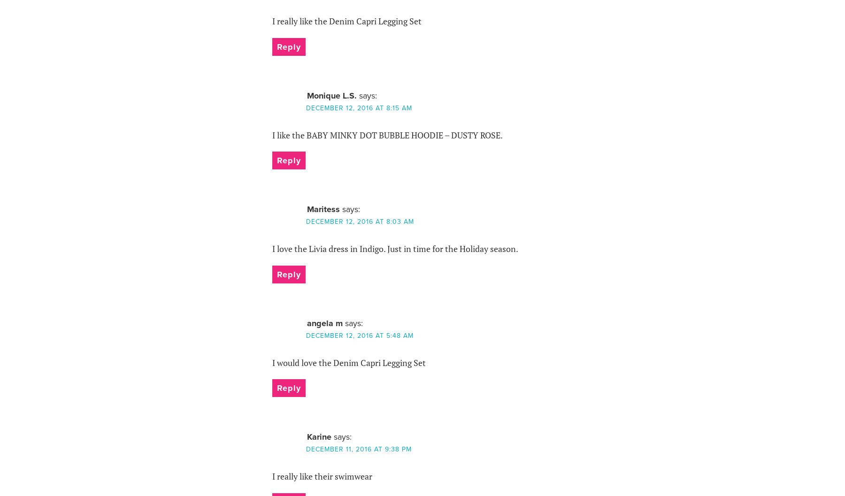 The image size is (845, 496). What do you see at coordinates (306, 107) in the screenshot?
I see `'December 12, 2016 at 8:15 am'` at bounding box center [306, 107].